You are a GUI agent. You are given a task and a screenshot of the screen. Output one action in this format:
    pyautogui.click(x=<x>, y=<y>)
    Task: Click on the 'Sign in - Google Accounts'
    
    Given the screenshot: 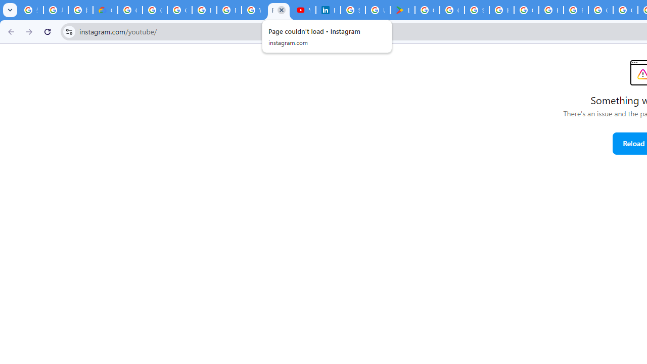 What is the action you would take?
    pyautogui.click(x=353, y=10)
    